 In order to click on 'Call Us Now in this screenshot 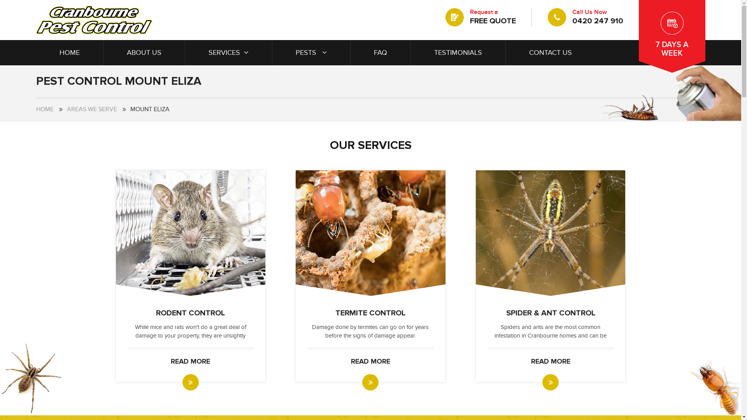, I will do `click(585, 17)`.